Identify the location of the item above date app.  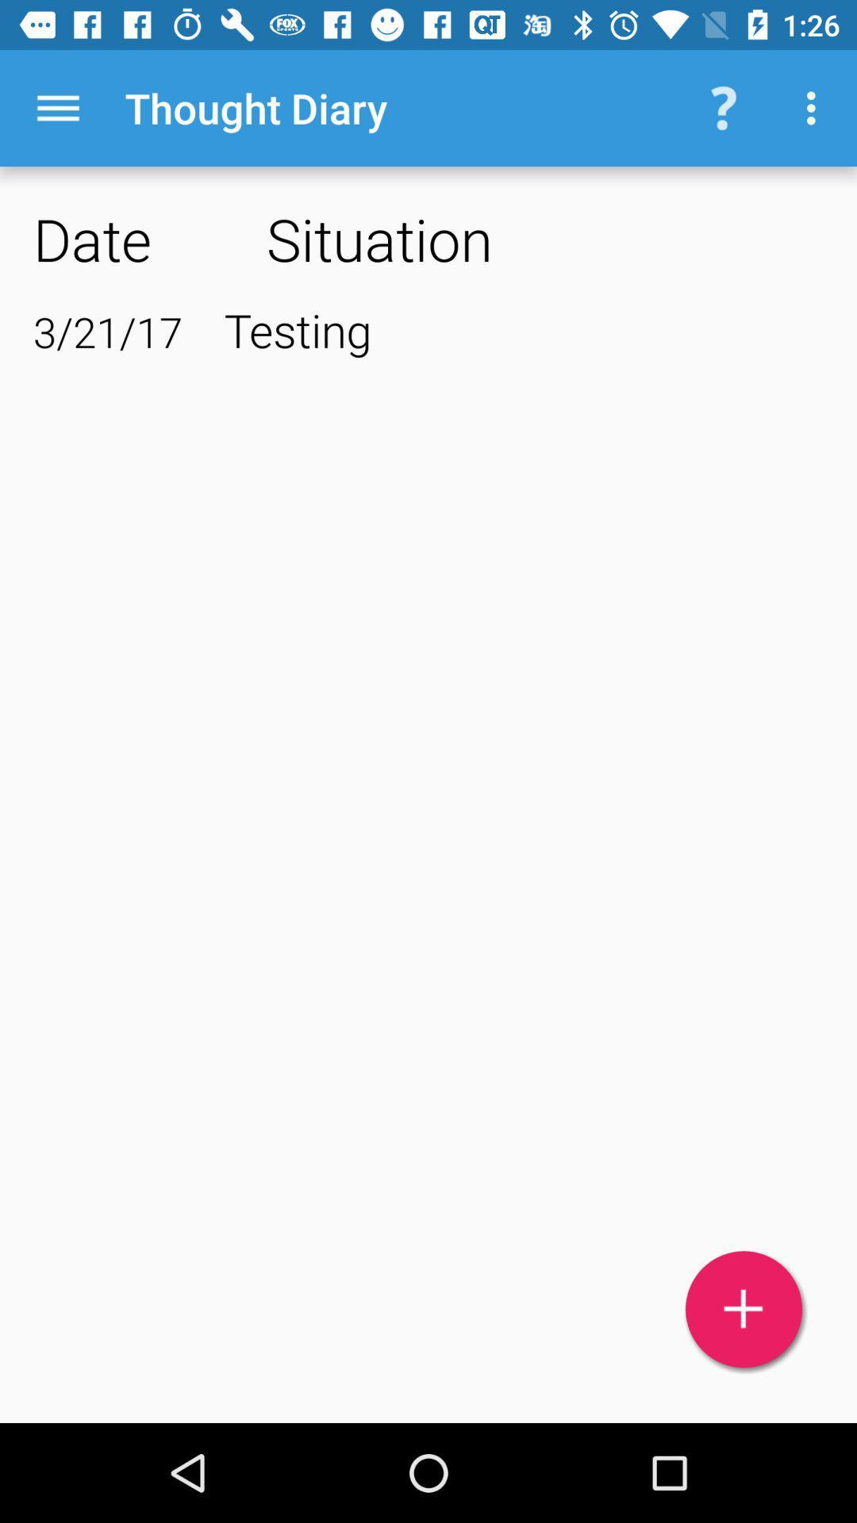
(57, 107).